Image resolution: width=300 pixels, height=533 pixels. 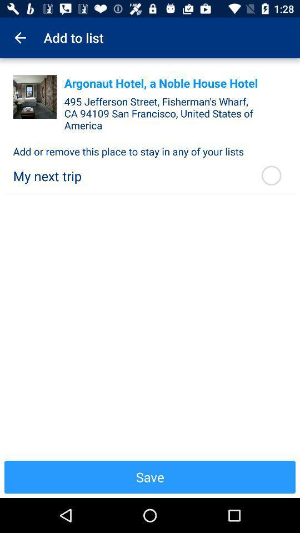 I want to click on my next trip app, so click(x=129, y=176).